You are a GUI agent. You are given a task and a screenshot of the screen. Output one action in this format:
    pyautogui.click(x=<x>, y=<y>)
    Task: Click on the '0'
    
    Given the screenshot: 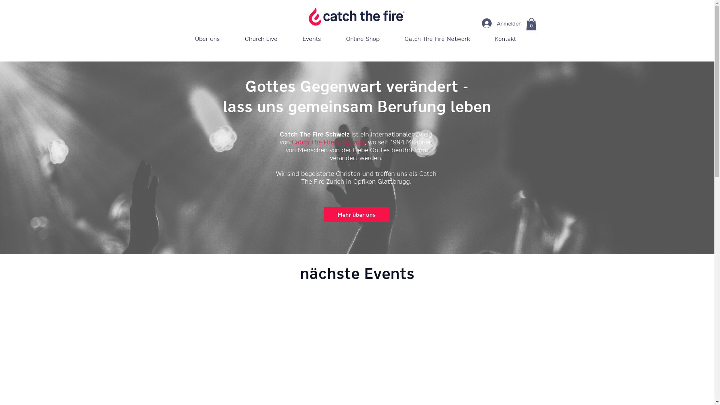 What is the action you would take?
    pyautogui.click(x=531, y=24)
    